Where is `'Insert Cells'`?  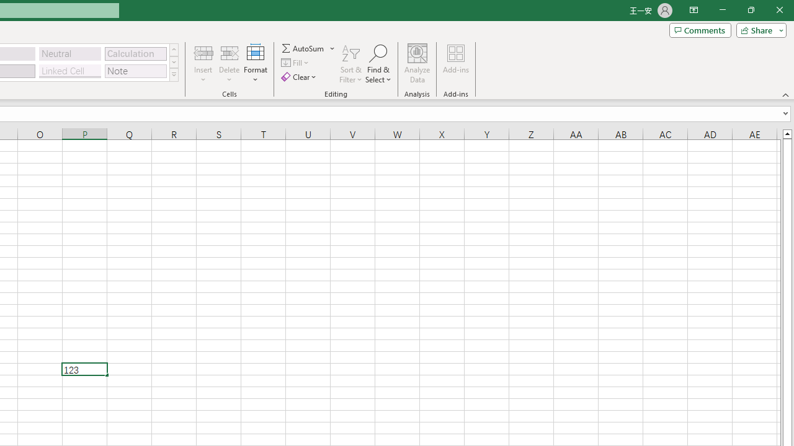 'Insert Cells' is located at coordinates (203, 52).